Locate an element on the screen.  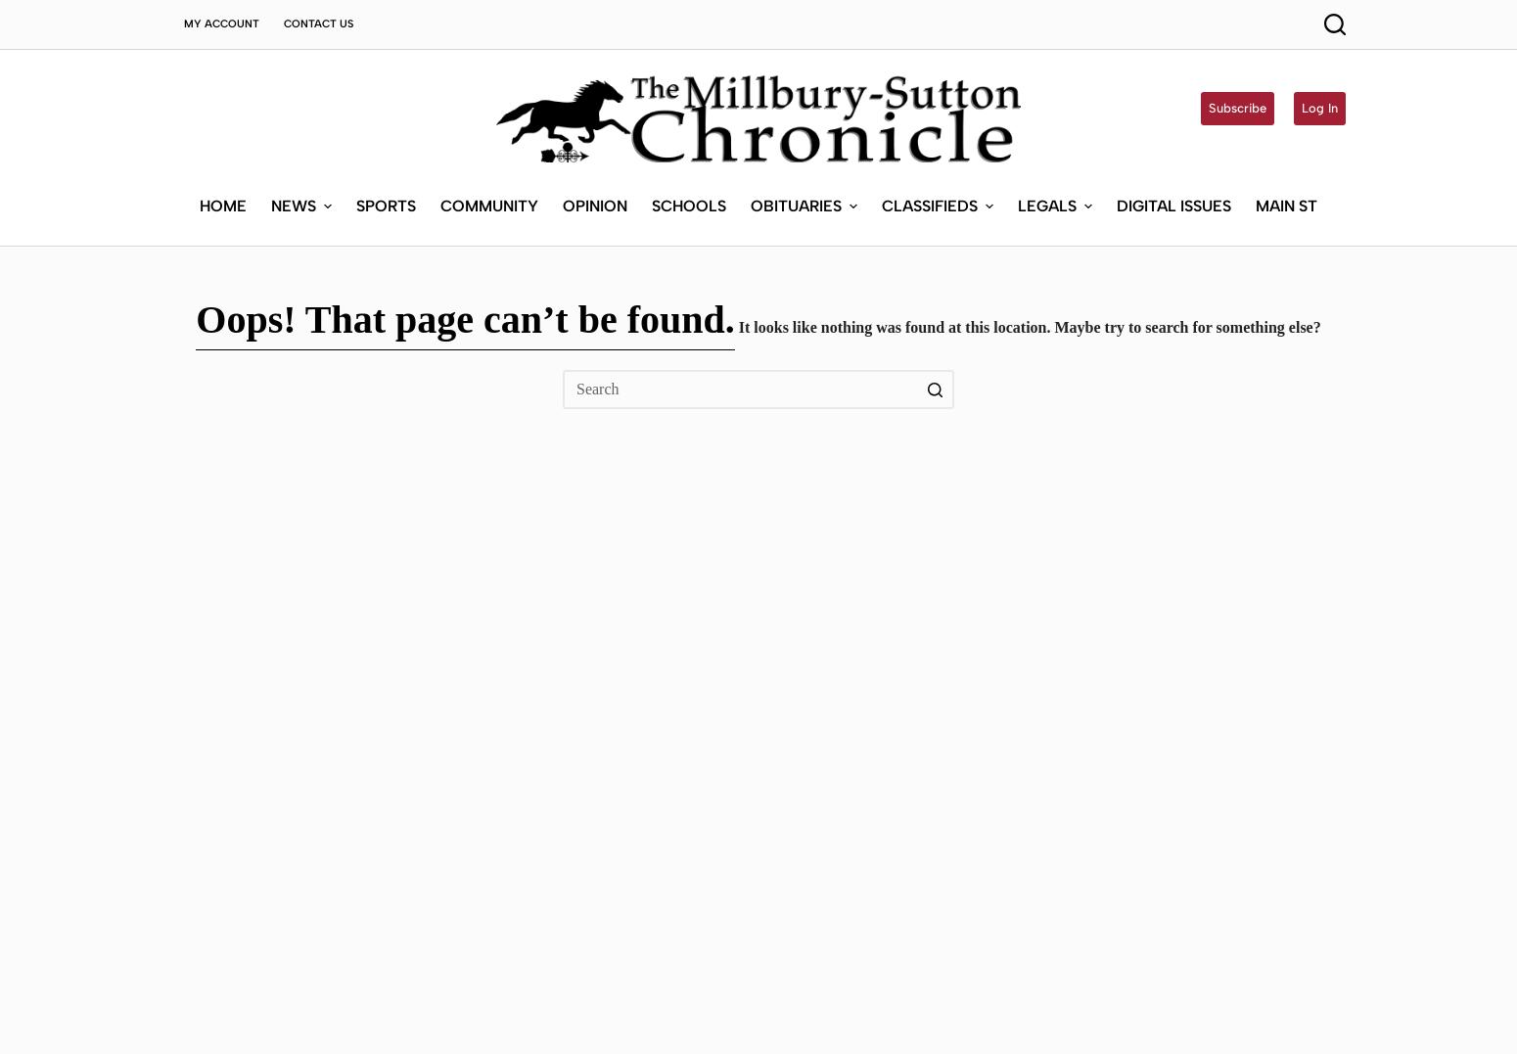
'Schools' is located at coordinates (649, 62).